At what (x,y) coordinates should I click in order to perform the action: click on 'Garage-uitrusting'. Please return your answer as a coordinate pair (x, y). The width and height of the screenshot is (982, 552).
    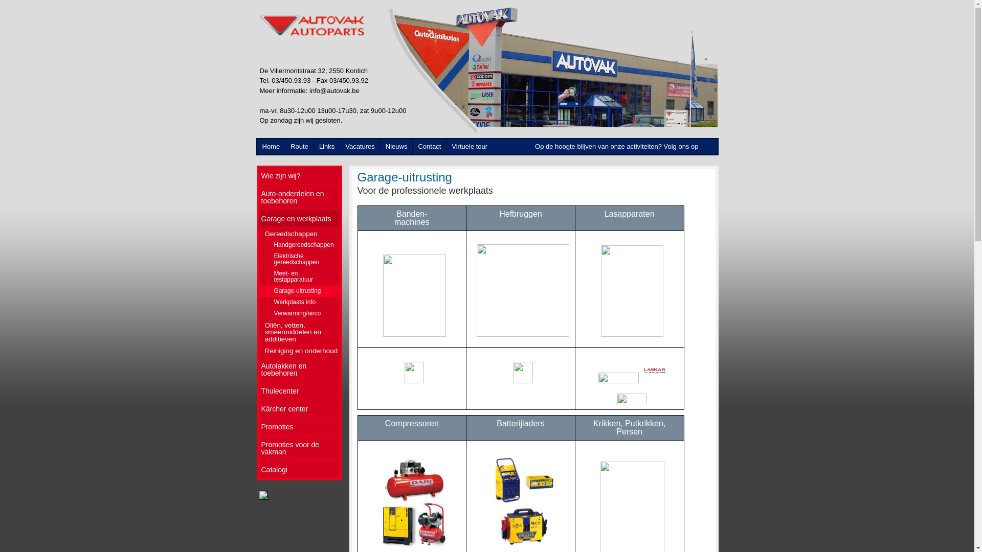
    Looking at the image, I should click on (258, 291).